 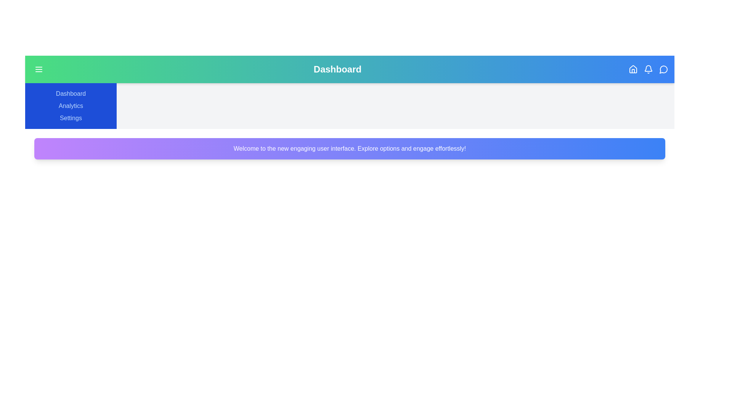 What do you see at coordinates (633, 69) in the screenshot?
I see `the 'Home' icon in the top bar` at bounding box center [633, 69].